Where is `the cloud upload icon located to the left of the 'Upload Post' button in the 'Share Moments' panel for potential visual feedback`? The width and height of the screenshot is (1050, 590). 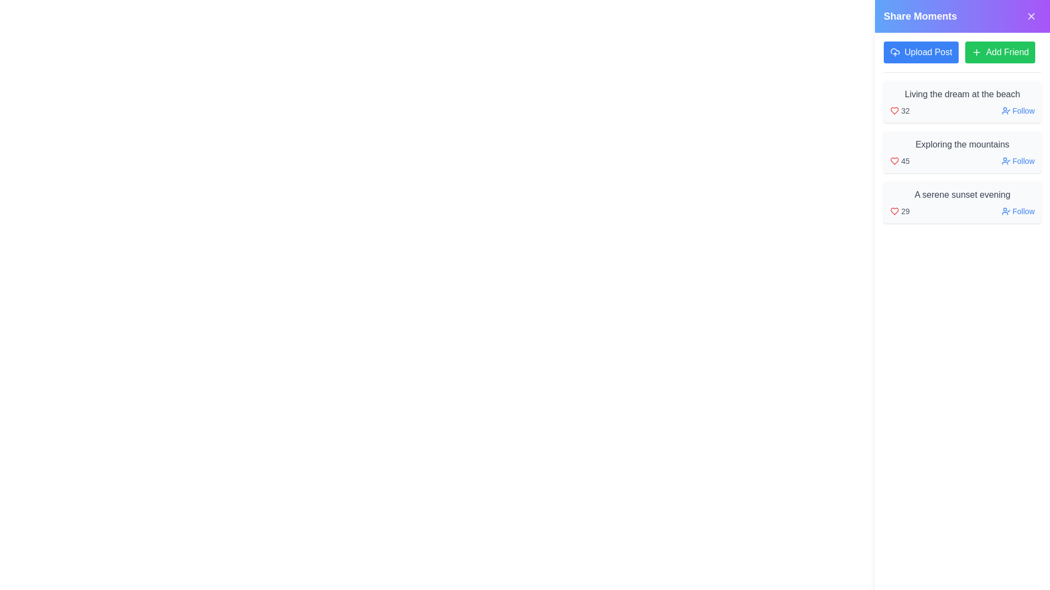
the cloud upload icon located to the left of the 'Upload Post' button in the 'Share Moments' panel for potential visual feedback is located at coordinates (895, 52).